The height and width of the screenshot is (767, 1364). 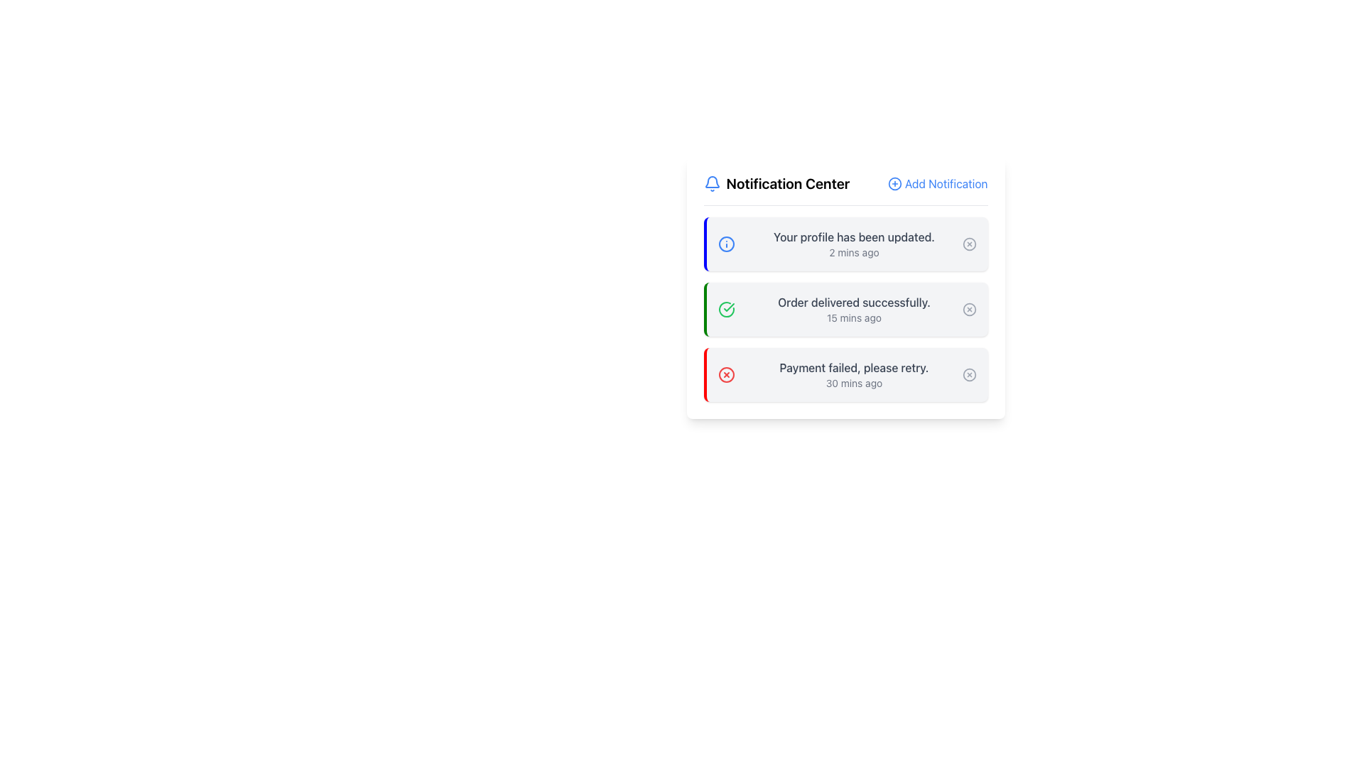 I want to click on timestamp displayed as '30 mins ago' in the notification block to understand the recency of the notification, so click(x=853, y=383).